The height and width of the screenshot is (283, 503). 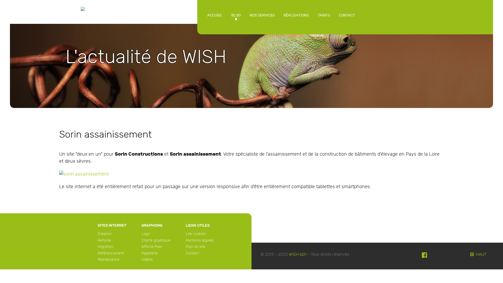 I want to click on 'NOS SERVICES', so click(x=262, y=15).